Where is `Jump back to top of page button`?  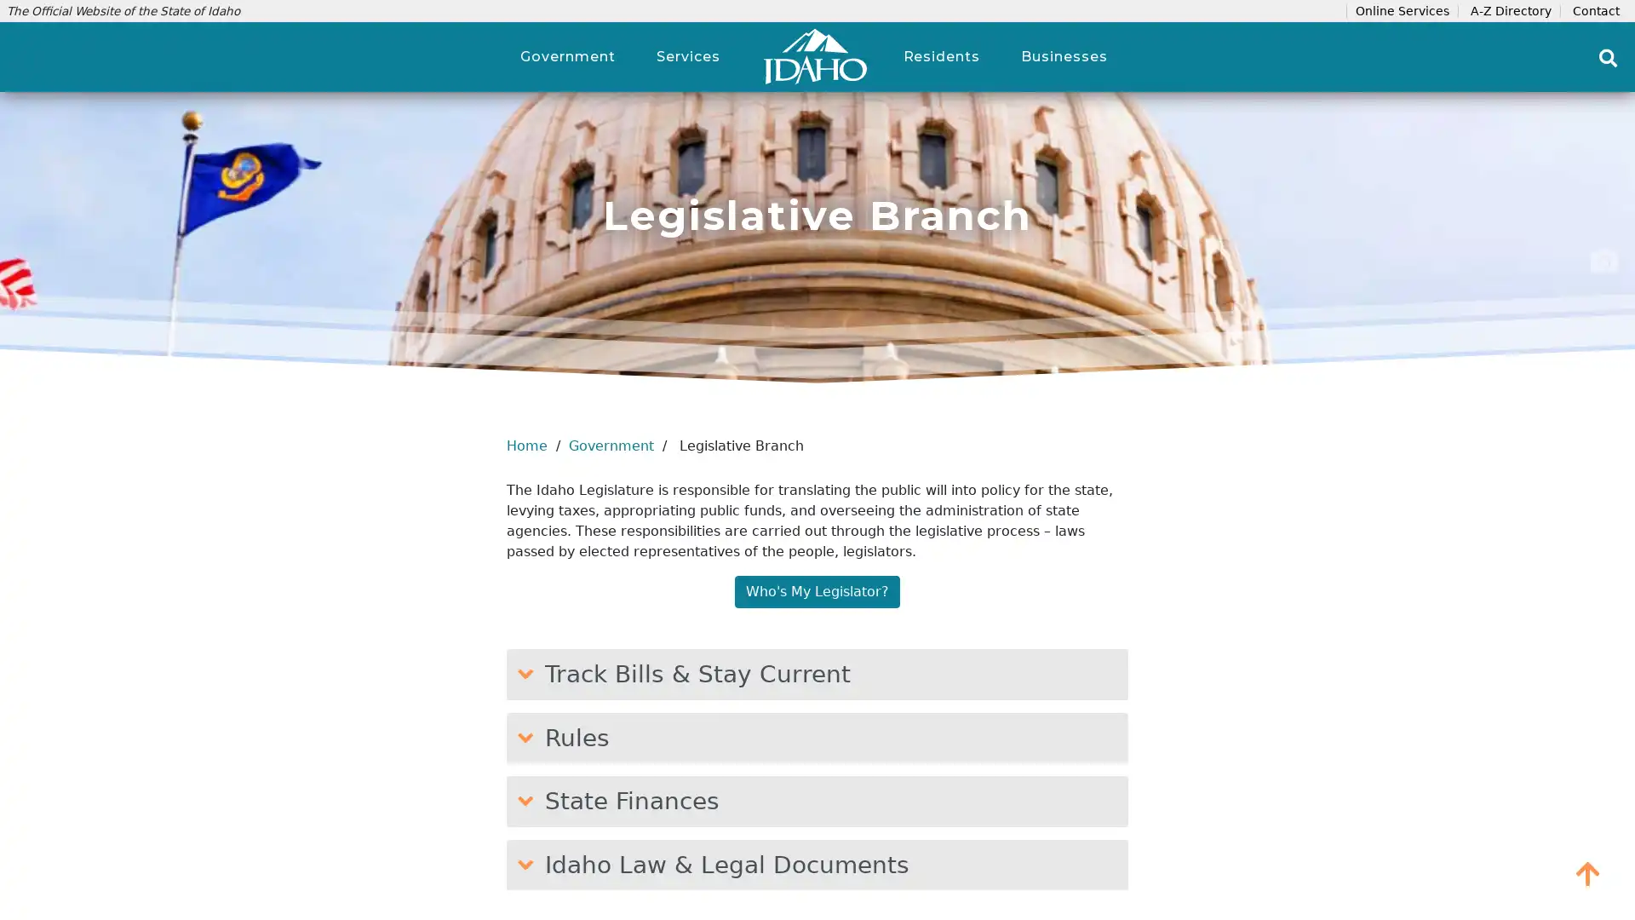 Jump back to top of page button is located at coordinates (1587, 873).